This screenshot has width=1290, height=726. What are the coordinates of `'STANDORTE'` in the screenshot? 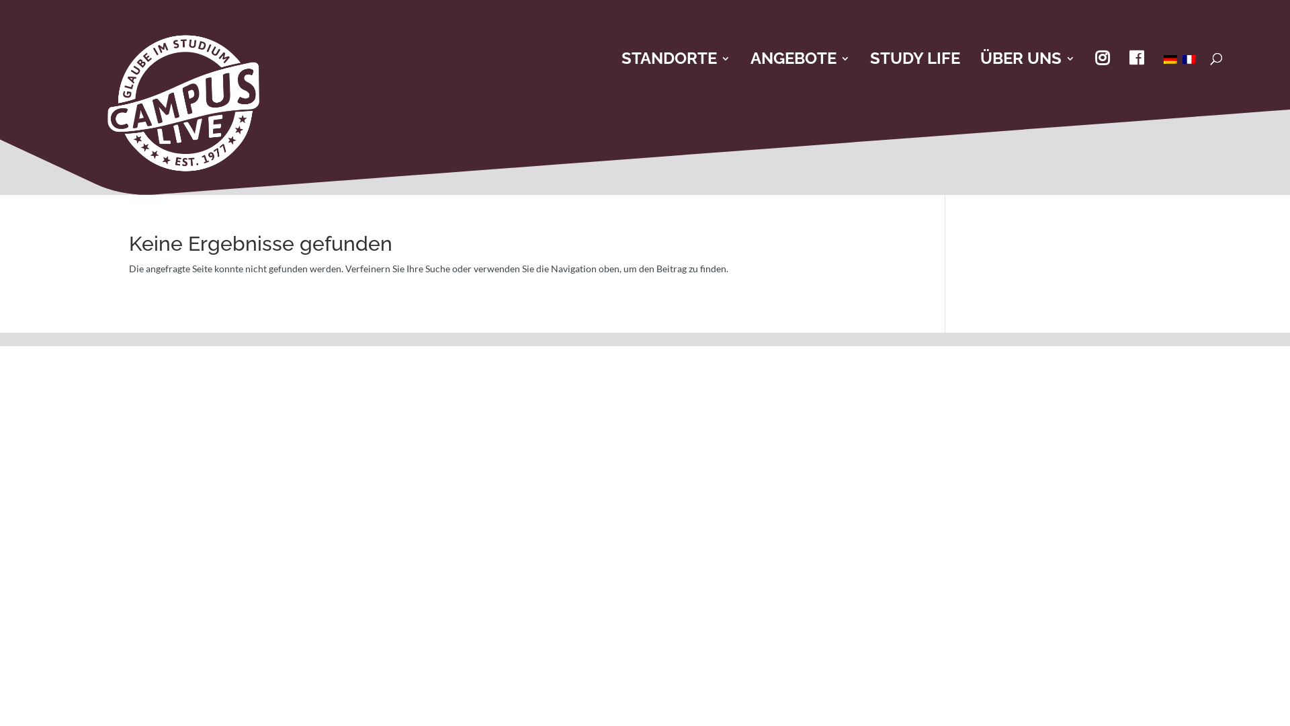 It's located at (676, 58).